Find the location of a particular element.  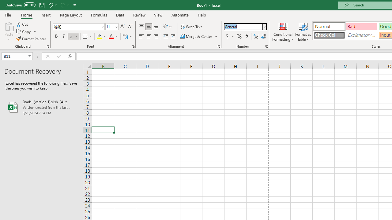

'Font Color' is located at coordinates (113, 36).